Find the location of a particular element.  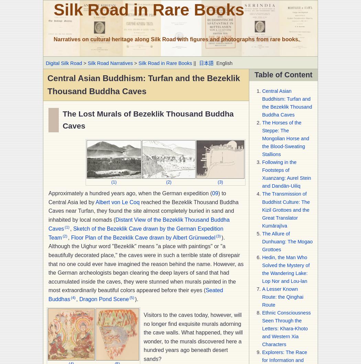

'Sketch of the Bezeklik Cave drawn by the German Expedition Team' is located at coordinates (48, 233).